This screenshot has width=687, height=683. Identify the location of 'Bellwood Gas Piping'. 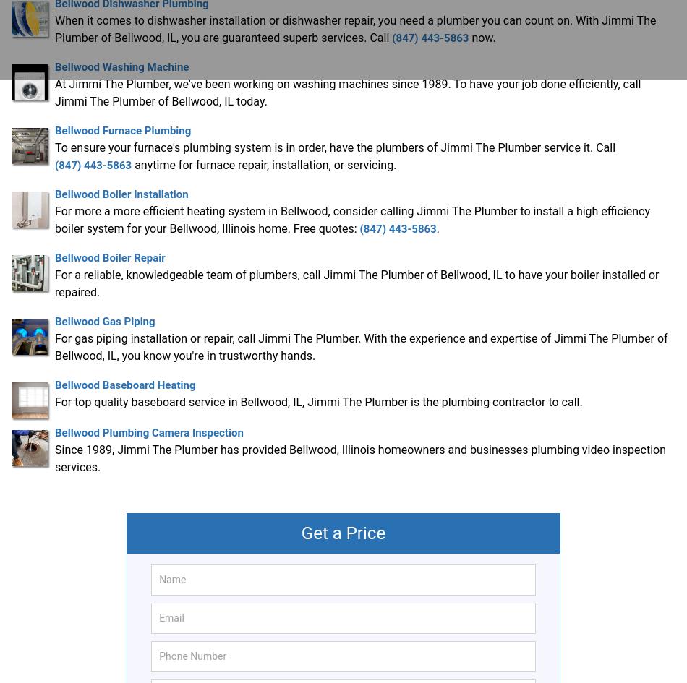
(104, 320).